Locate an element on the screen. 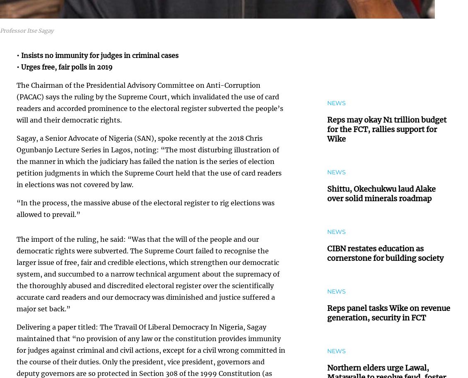  'Professor Itse Sagay' is located at coordinates (27, 30).